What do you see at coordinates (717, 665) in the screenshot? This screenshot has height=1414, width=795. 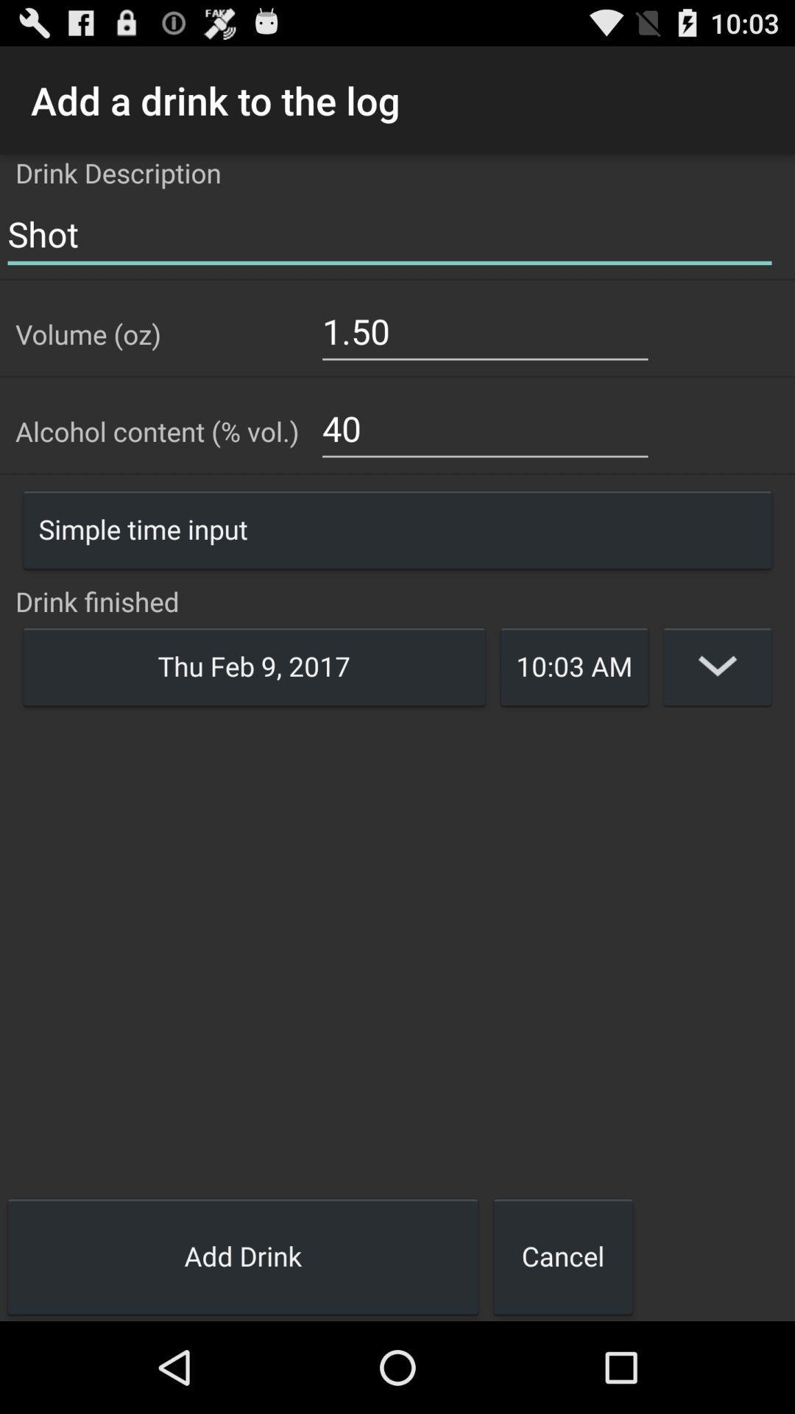 I see `edit entry` at bounding box center [717, 665].